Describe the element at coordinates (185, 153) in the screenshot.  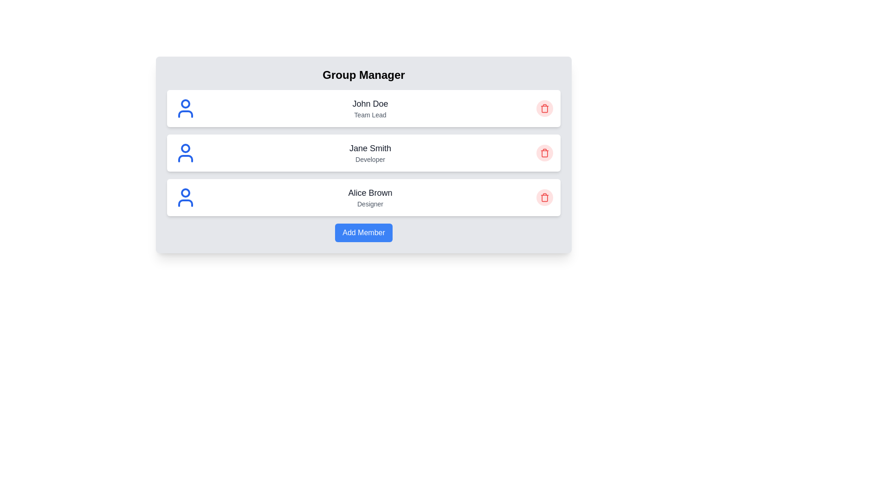
I see `the blue user icon representing 'Jane Smith', a Developer, located in the second row of the 'Group Manager' section` at that location.